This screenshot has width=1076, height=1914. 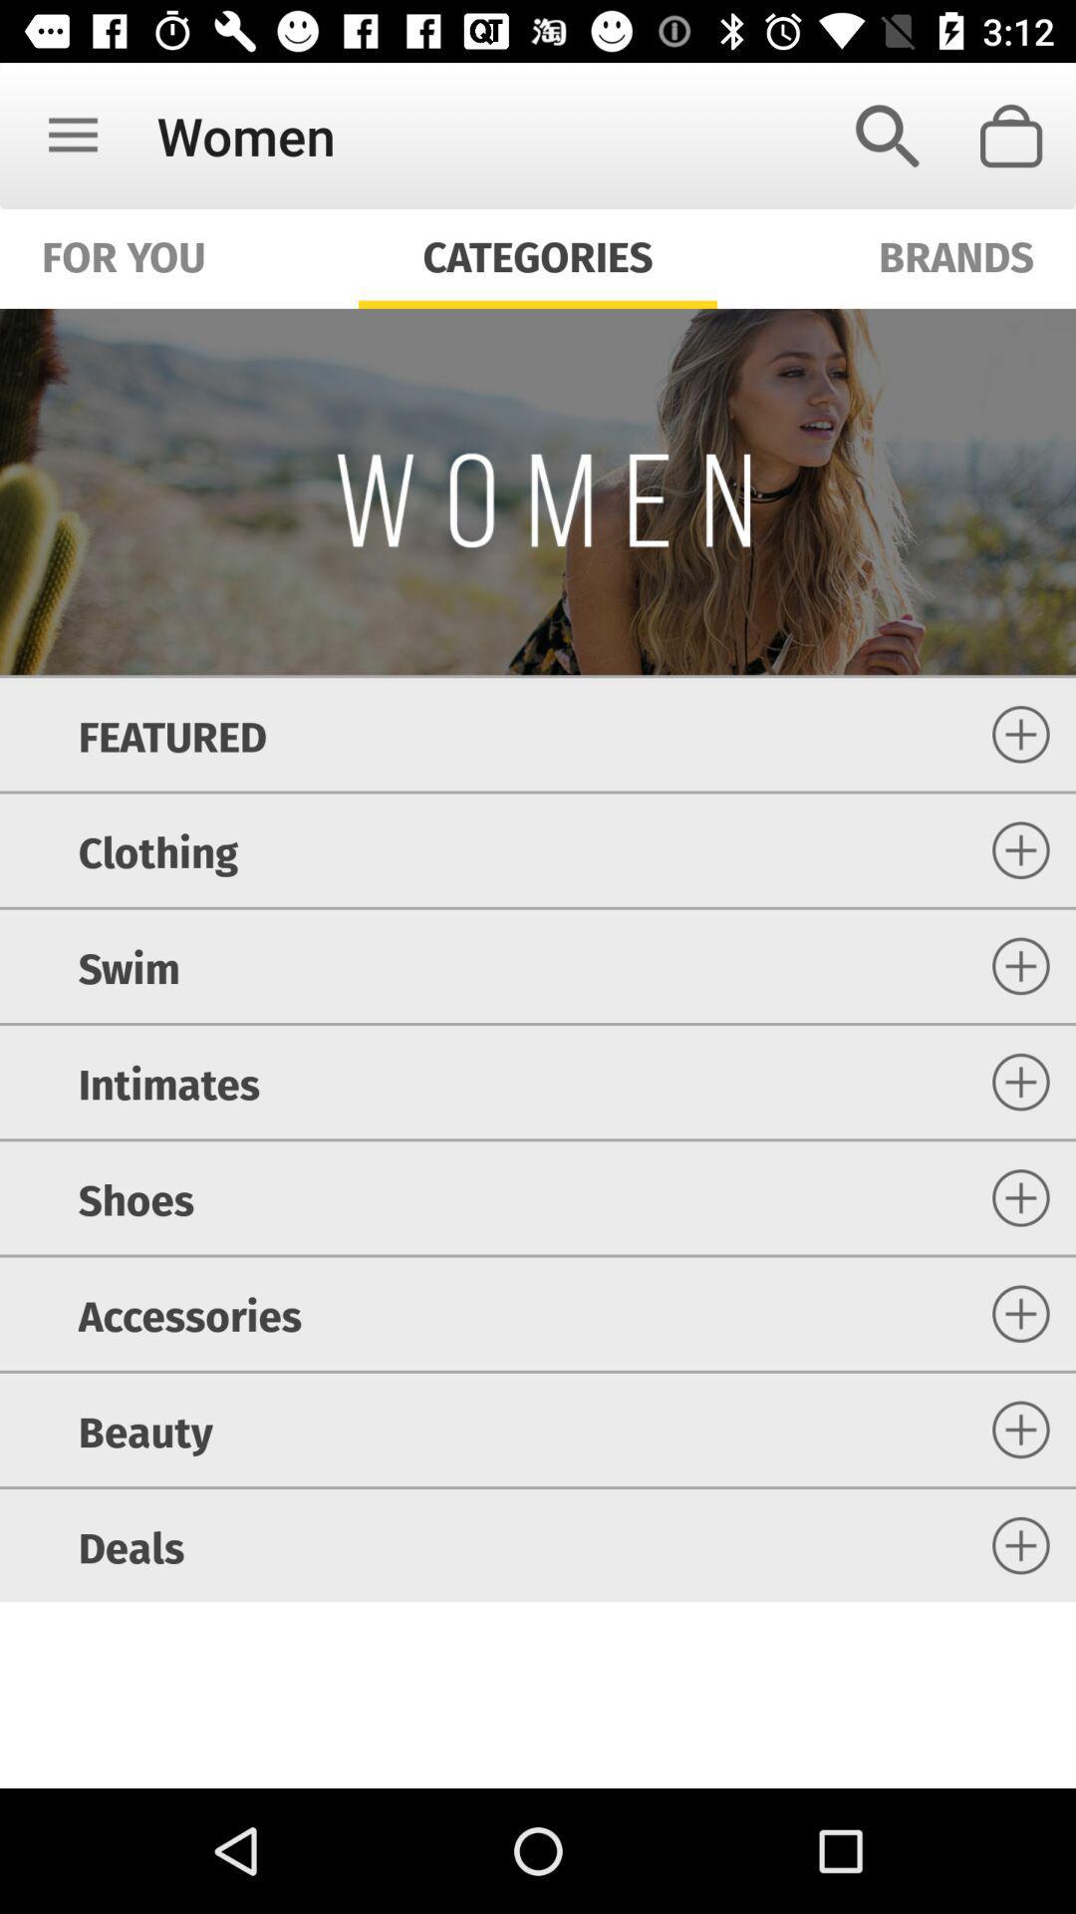 What do you see at coordinates (887, 135) in the screenshot?
I see `the item above brands item` at bounding box center [887, 135].